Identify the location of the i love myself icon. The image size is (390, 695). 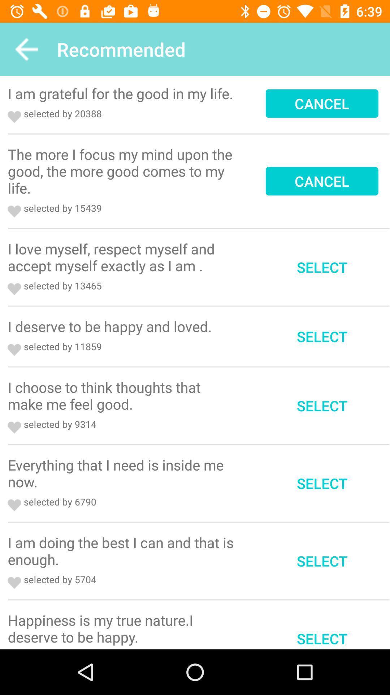
(123, 257).